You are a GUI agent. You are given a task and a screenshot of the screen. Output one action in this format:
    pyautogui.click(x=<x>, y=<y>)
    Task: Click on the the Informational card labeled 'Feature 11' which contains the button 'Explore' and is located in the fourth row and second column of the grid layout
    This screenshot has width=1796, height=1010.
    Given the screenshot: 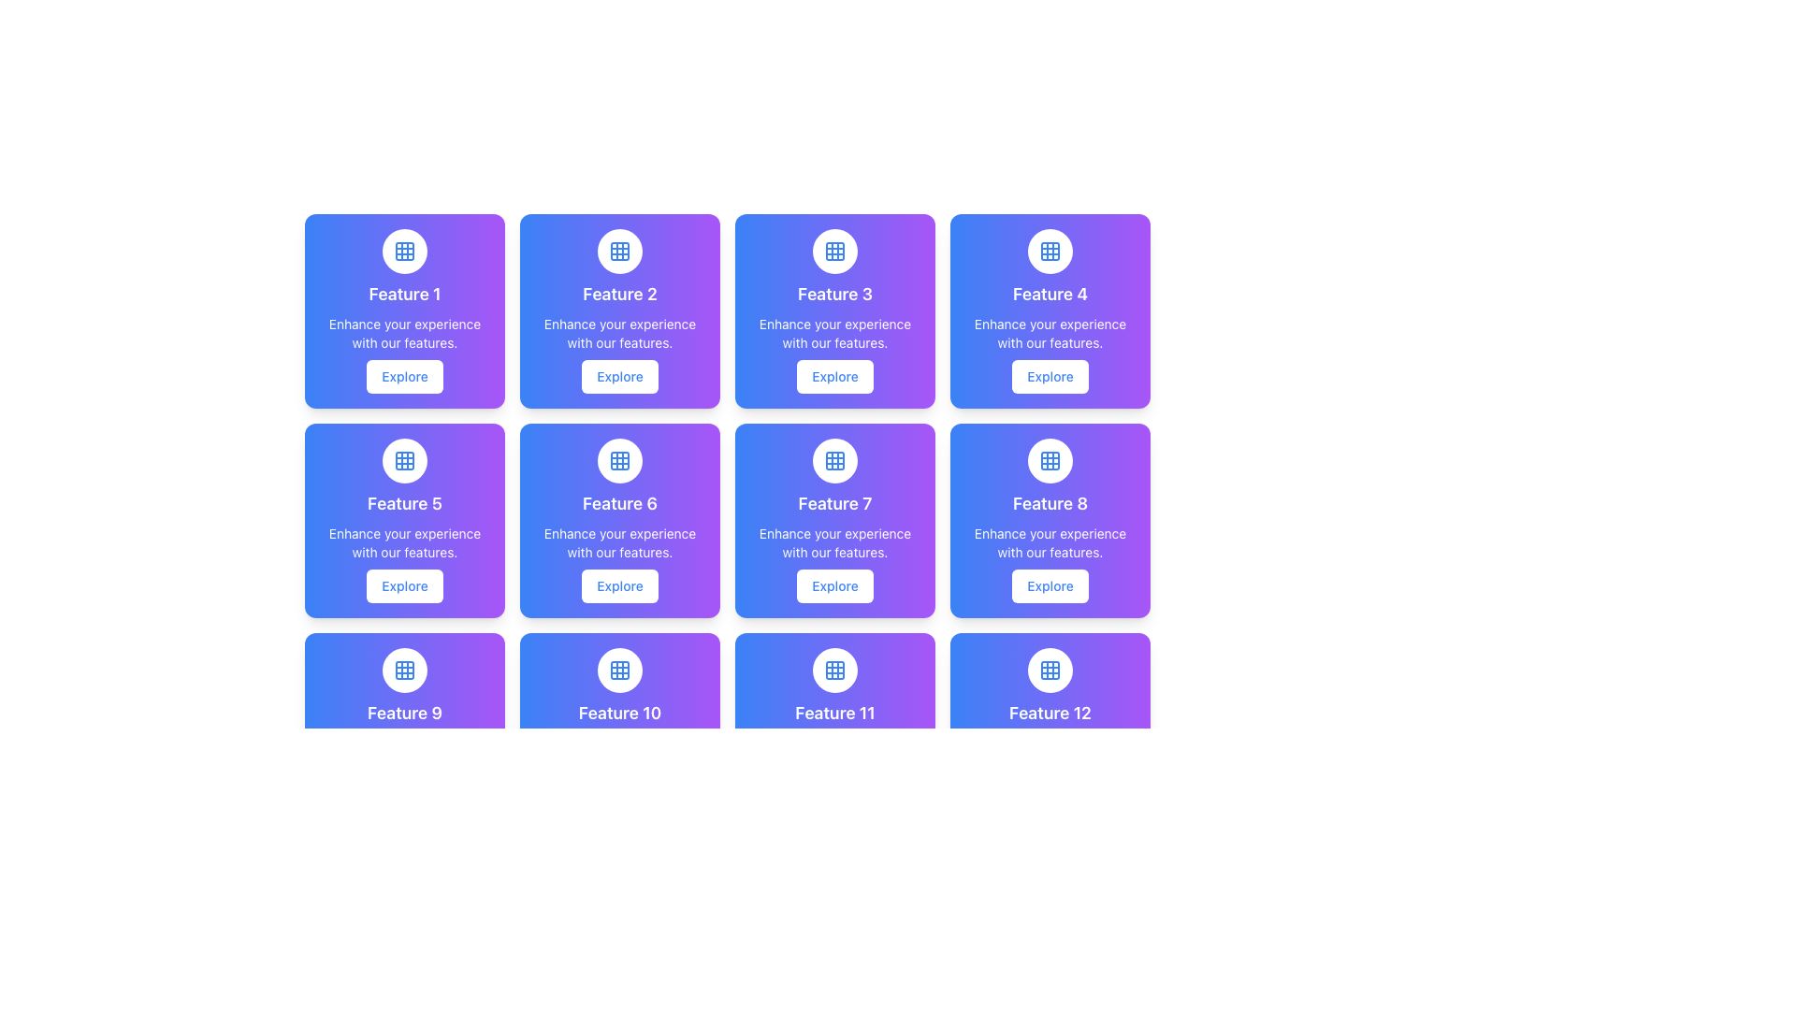 What is the action you would take?
    pyautogui.click(x=833, y=729)
    